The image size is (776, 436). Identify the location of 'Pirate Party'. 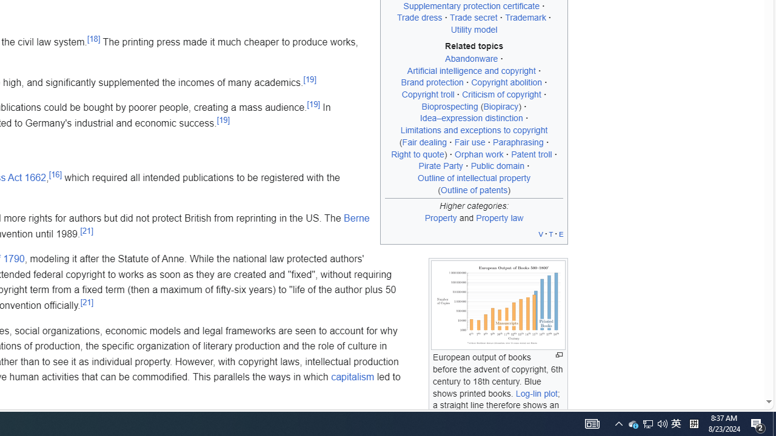
(440, 166).